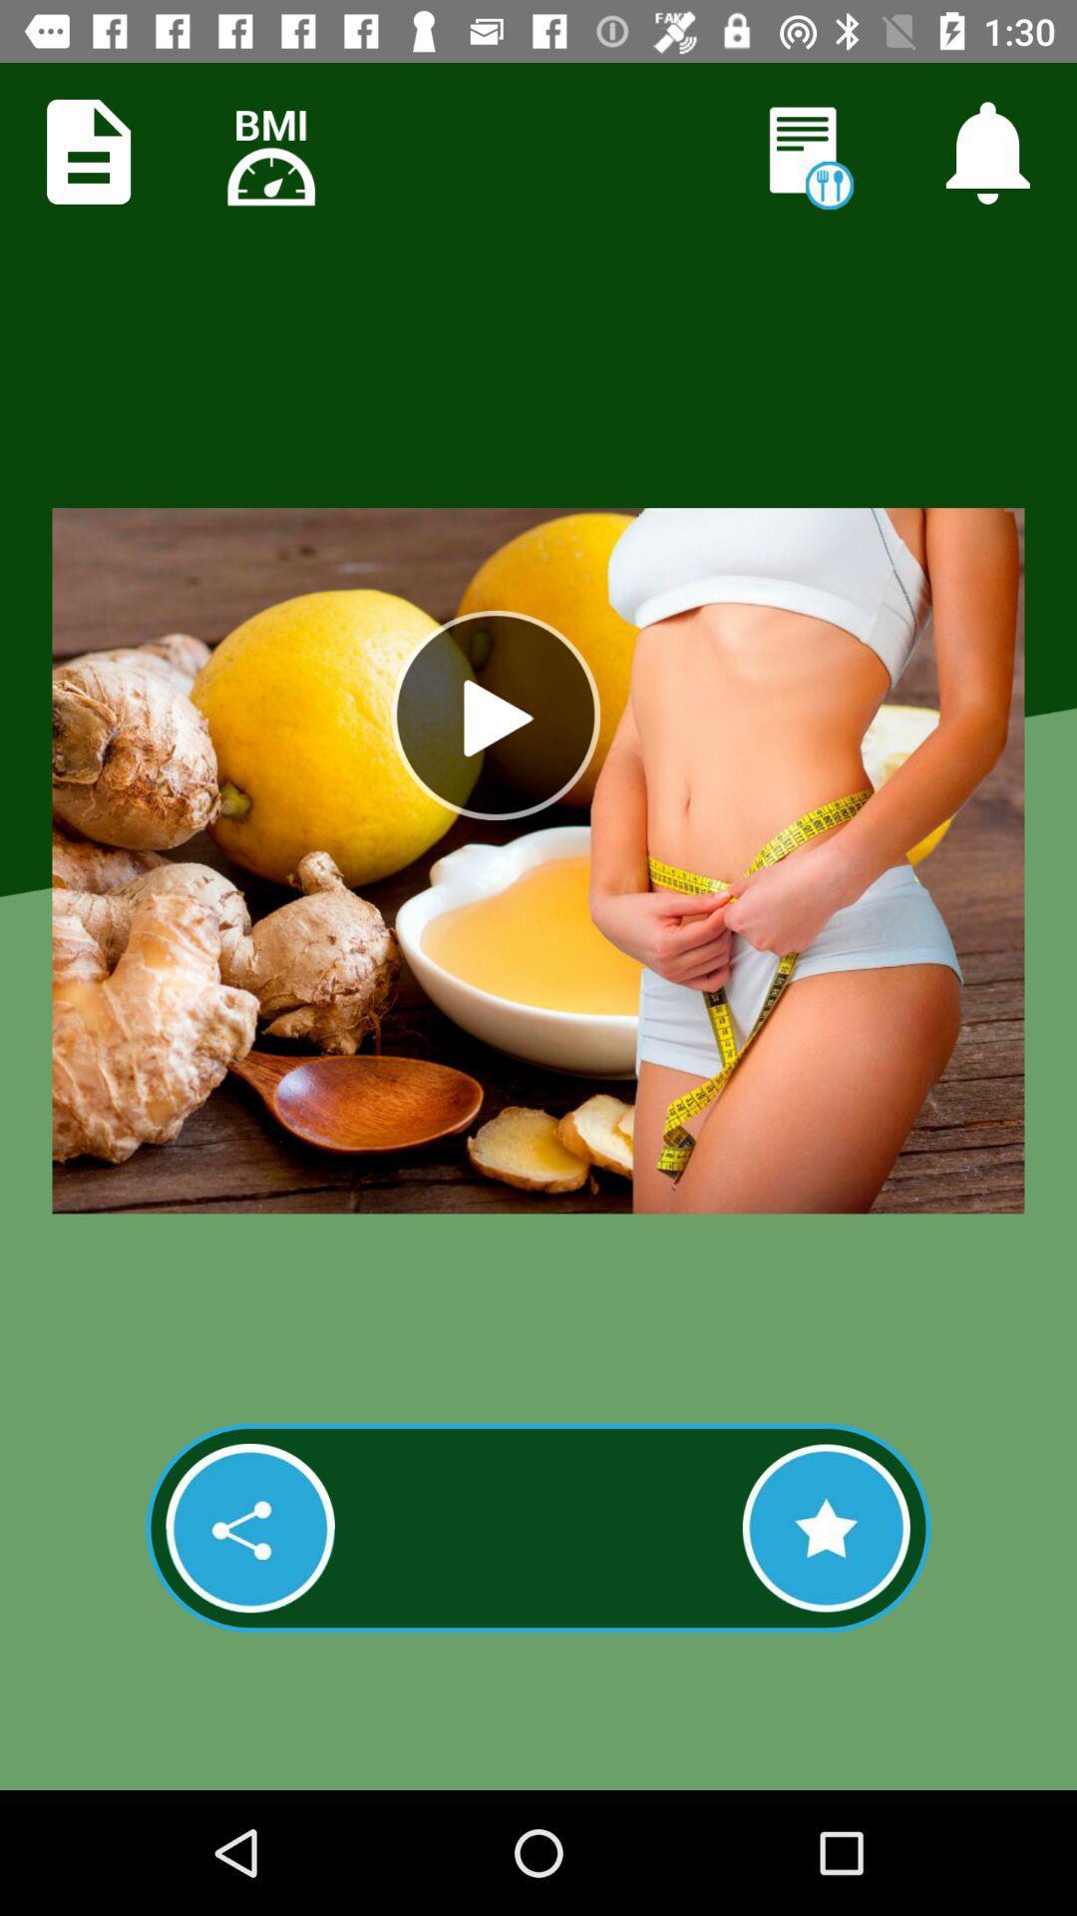 This screenshot has height=1916, width=1077. I want to click on share the video, so click(249, 1527).